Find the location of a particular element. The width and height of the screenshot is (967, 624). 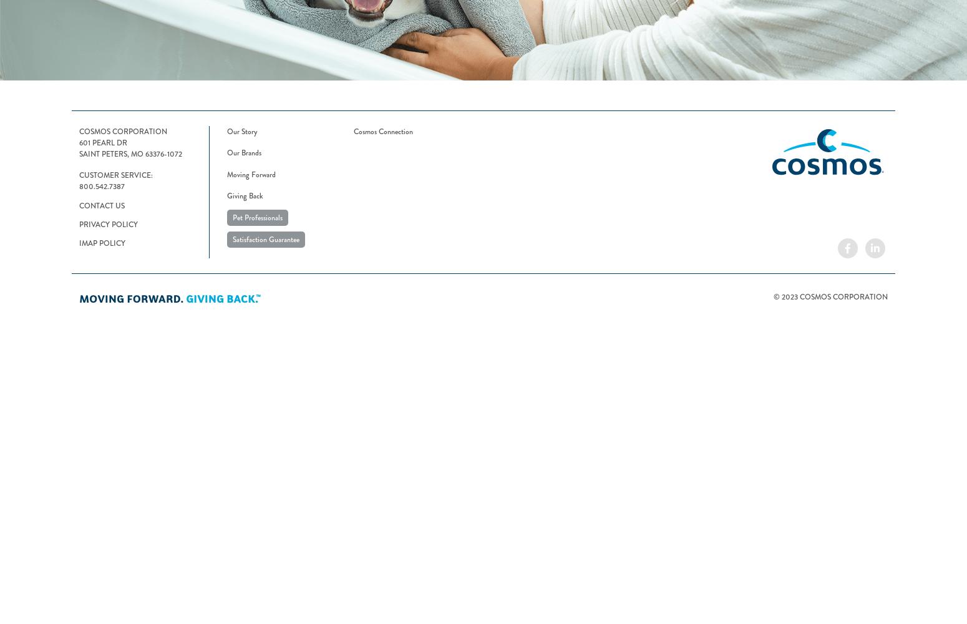

'Satisfaction Guarantee' is located at coordinates (266, 239).